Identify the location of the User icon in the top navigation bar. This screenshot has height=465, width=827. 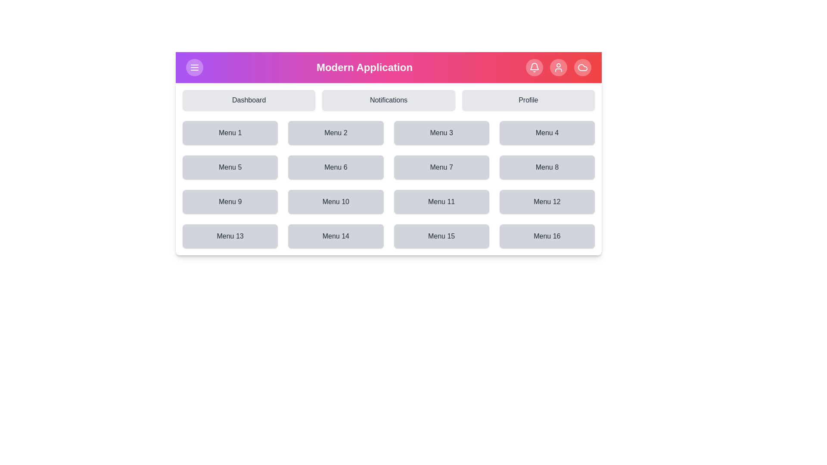
(558, 67).